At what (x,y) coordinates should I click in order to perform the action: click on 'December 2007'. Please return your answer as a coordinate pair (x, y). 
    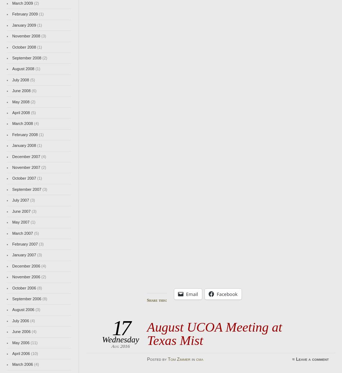
    Looking at the image, I should click on (26, 156).